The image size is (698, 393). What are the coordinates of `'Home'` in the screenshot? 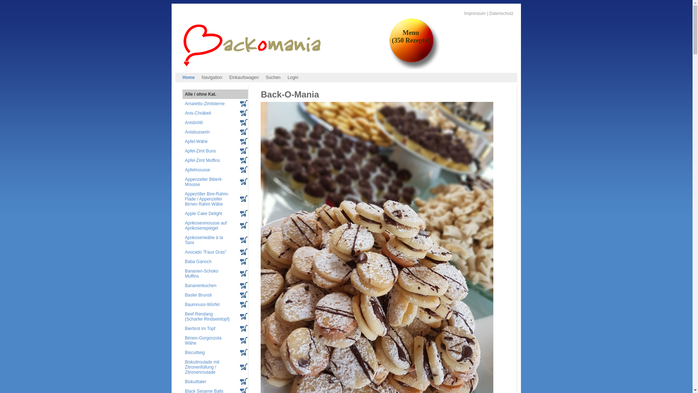 It's located at (188, 77).